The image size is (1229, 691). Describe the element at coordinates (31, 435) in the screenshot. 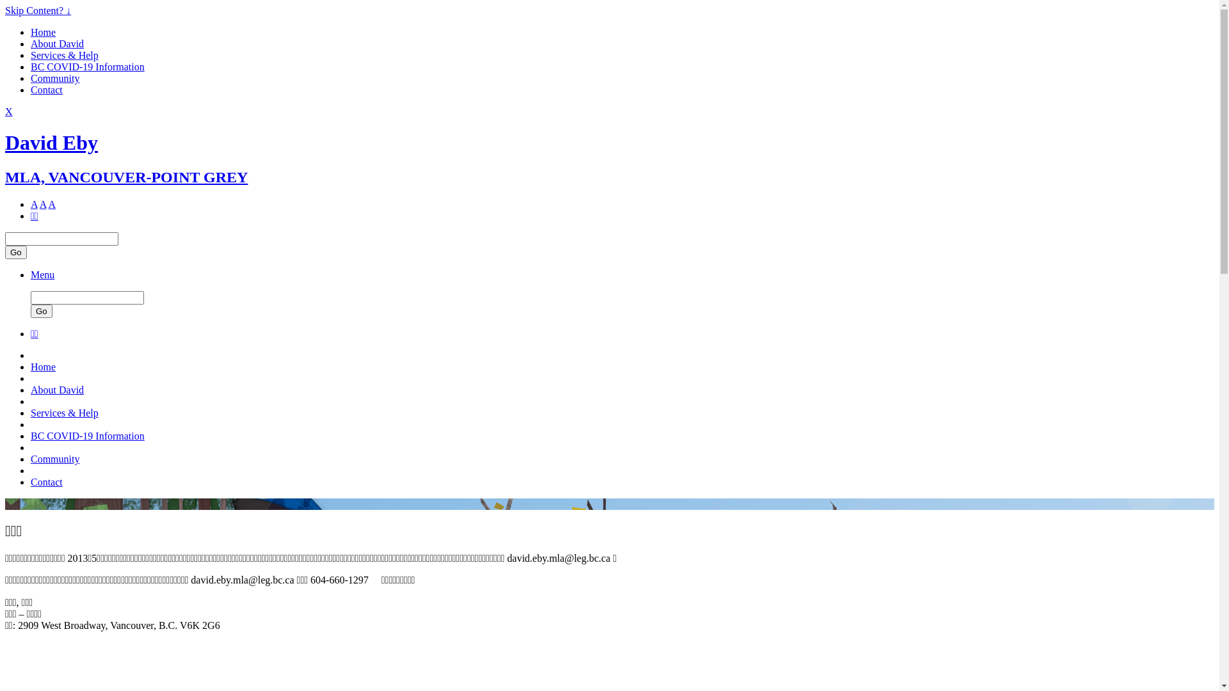

I see `'BC COVID-19 Information'` at that location.